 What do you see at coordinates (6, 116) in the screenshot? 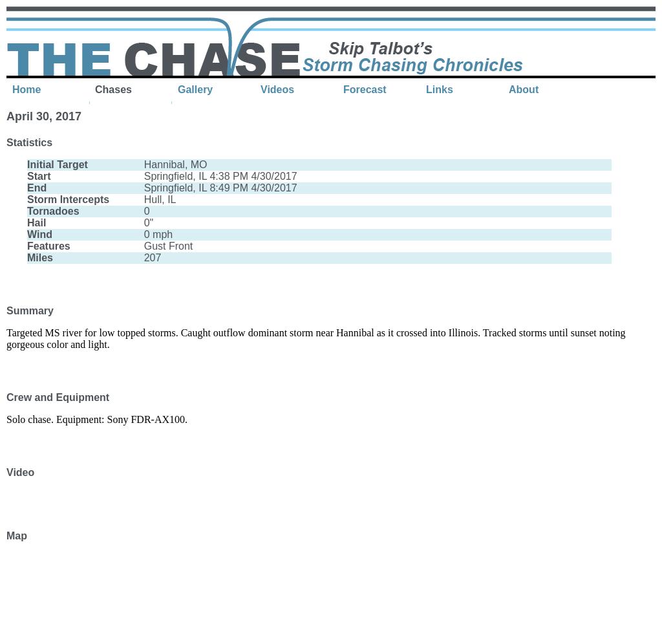
I see `'April 30, 2017'` at bounding box center [6, 116].